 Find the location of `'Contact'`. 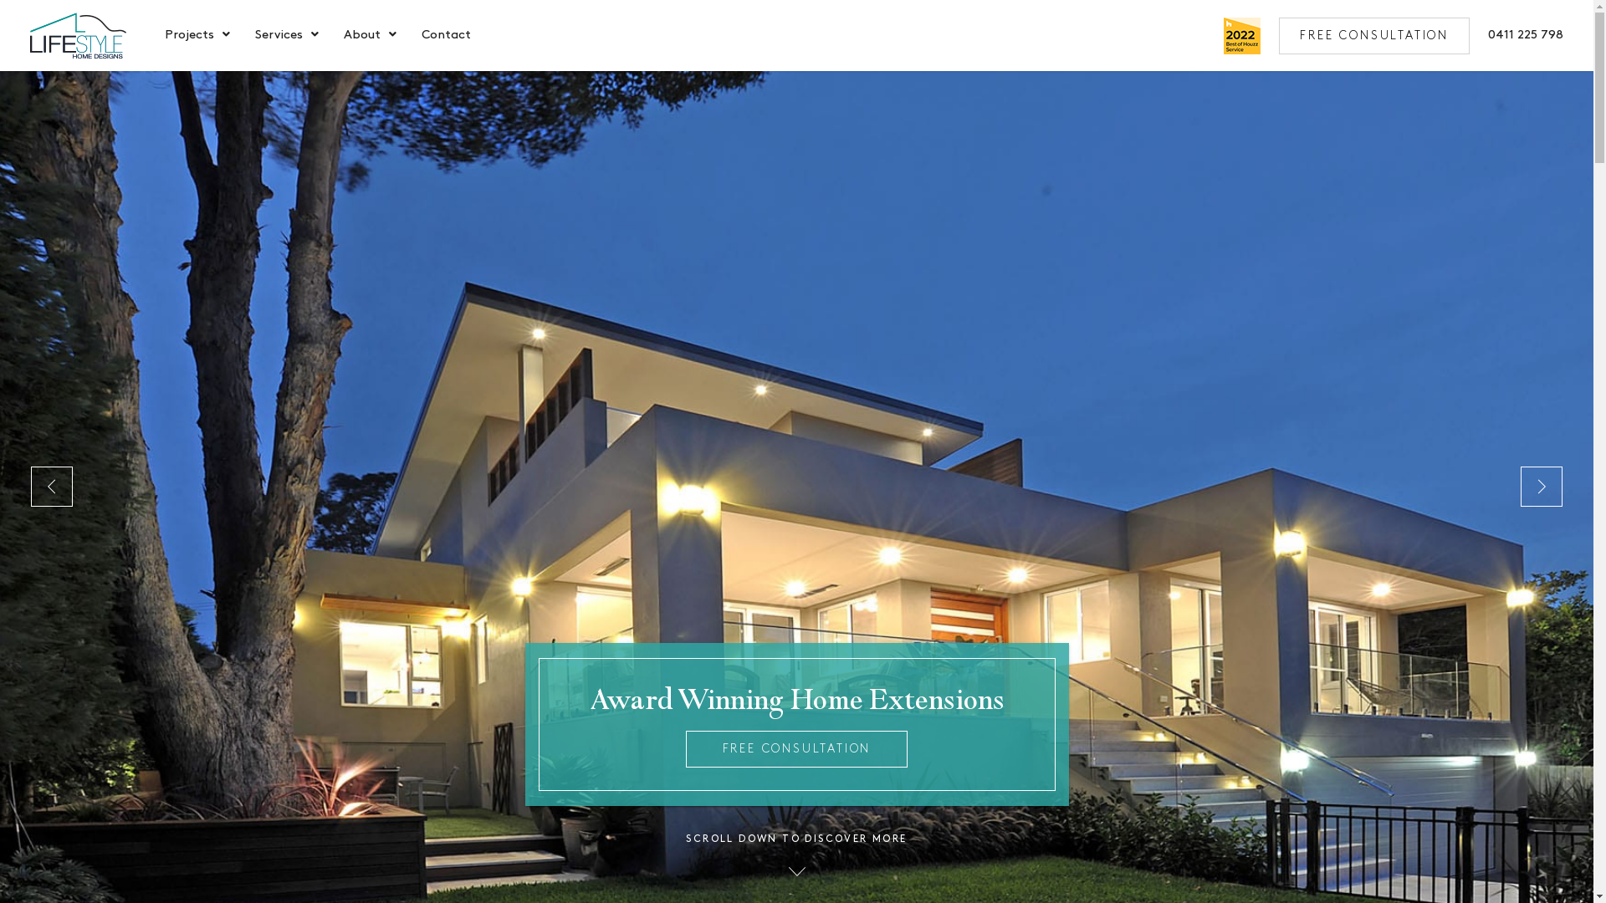

'Contact' is located at coordinates (446, 36).